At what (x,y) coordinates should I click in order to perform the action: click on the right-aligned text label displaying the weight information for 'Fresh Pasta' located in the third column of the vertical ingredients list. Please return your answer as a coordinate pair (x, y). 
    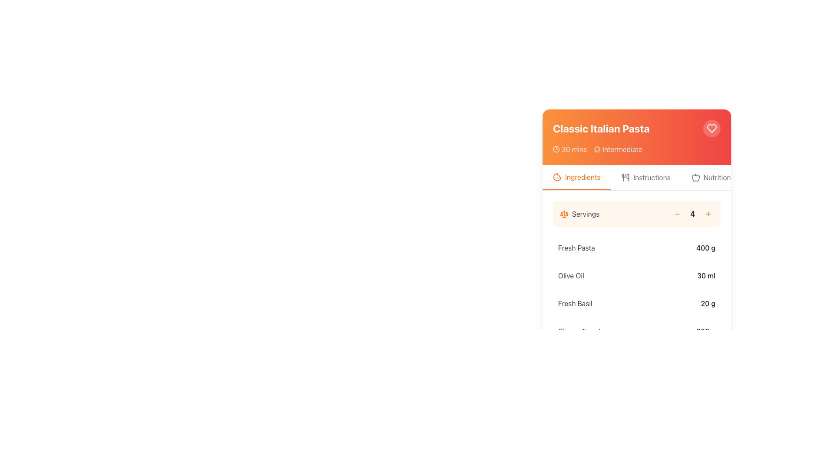
    Looking at the image, I should click on (705, 248).